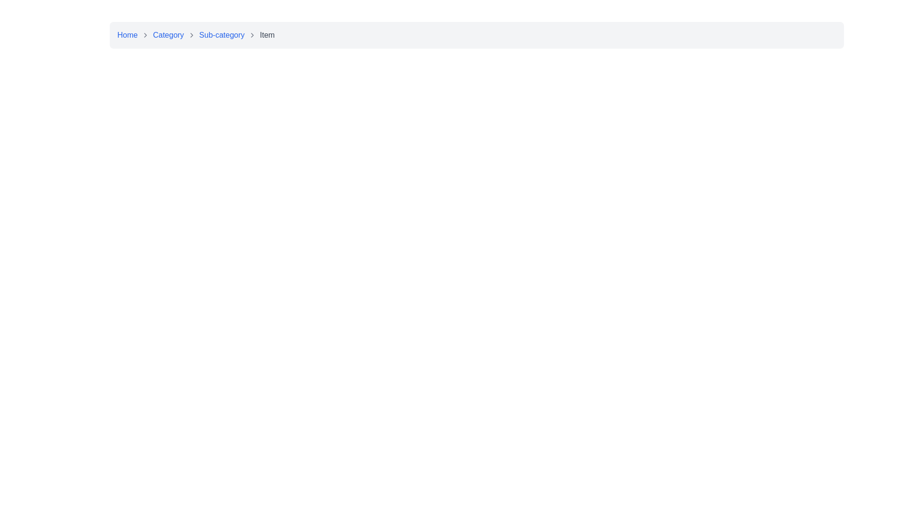 This screenshot has width=916, height=515. Describe the element at coordinates (477, 34) in the screenshot. I see `the breadcrumb navigation bar` at that location.